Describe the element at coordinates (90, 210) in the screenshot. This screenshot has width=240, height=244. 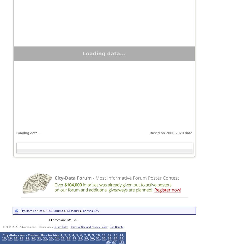
I see `'Kansas City'` at that location.